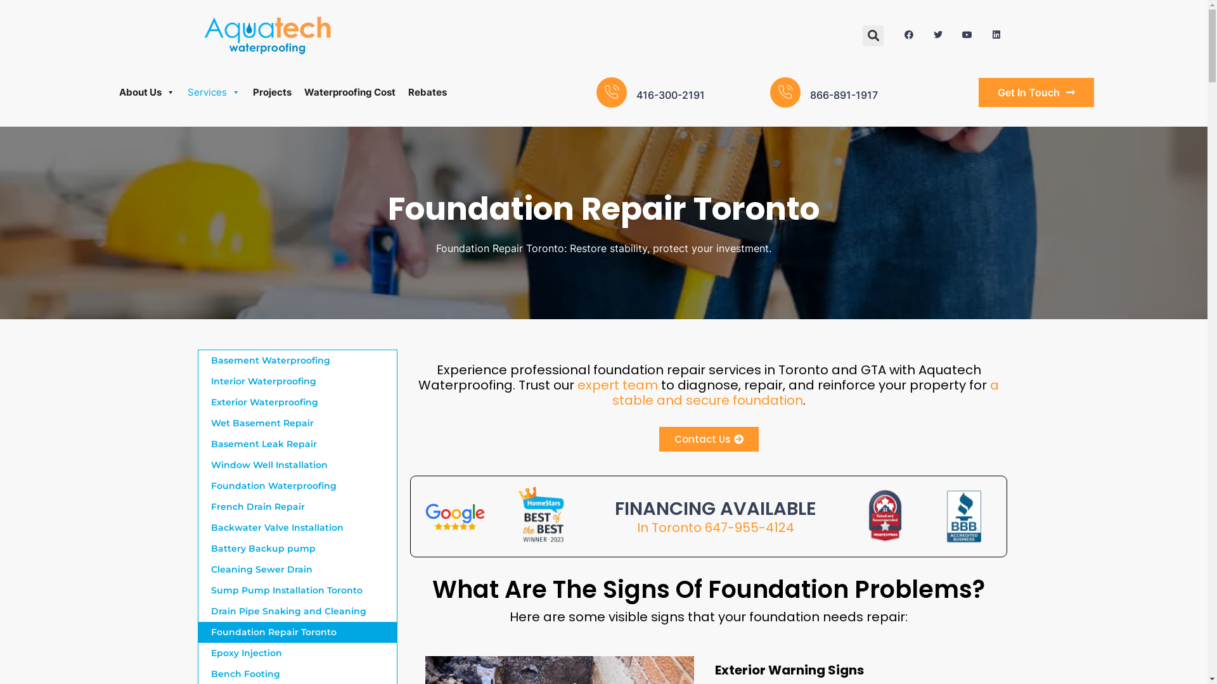 Image resolution: width=1217 pixels, height=684 pixels. I want to click on 'Services', so click(214, 92).